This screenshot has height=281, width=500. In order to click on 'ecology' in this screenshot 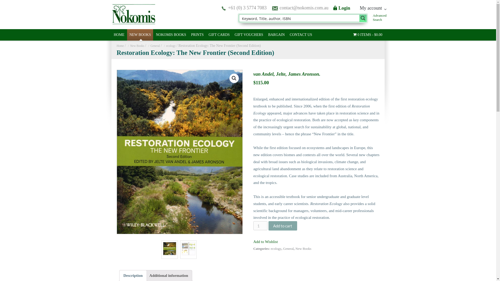, I will do `click(169, 46)`.